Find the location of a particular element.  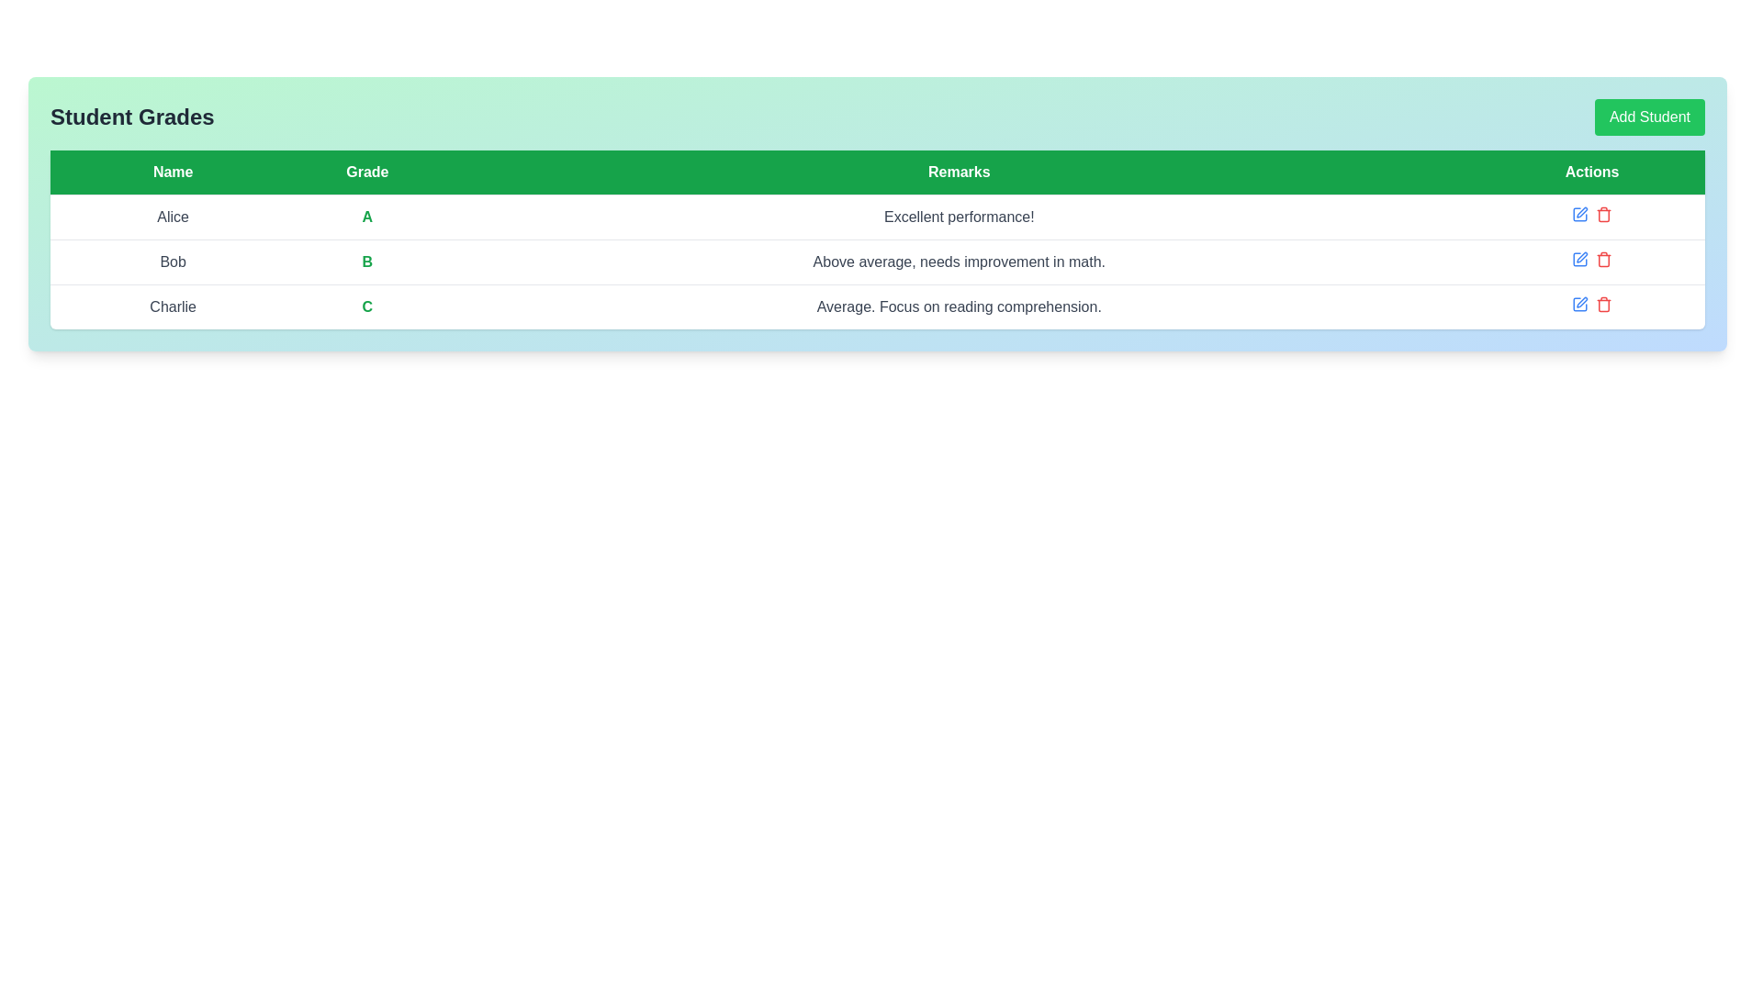

the third row in the table containing the text 'Charlie C Average. Focus on reading comprehension.' is located at coordinates (876, 306).